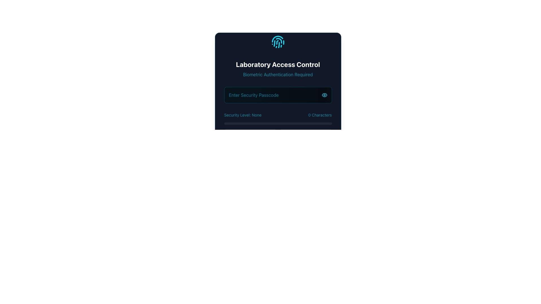 Image resolution: width=541 pixels, height=304 pixels. Describe the element at coordinates (278, 64) in the screenshot. I see `text of the header element positioned above 'Biometric Authentication Required', which serves as the title of the interface` at that location.